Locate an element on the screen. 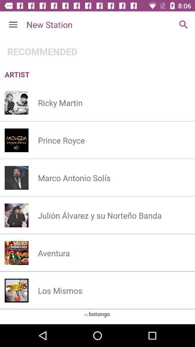 The width and height of the screenshot is (195, 347). the fourth image in display from recommended is located at coordinates (17, 215).